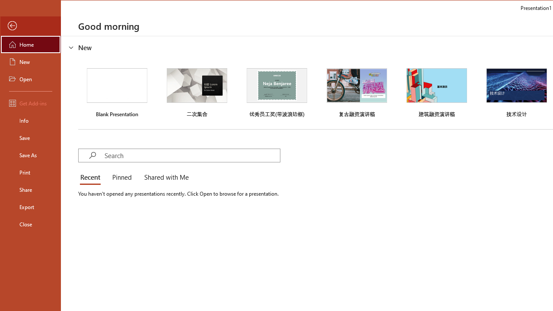 The width and height of the screenshot is (553, 311). I want to click on 'Print', so click(31, 172).